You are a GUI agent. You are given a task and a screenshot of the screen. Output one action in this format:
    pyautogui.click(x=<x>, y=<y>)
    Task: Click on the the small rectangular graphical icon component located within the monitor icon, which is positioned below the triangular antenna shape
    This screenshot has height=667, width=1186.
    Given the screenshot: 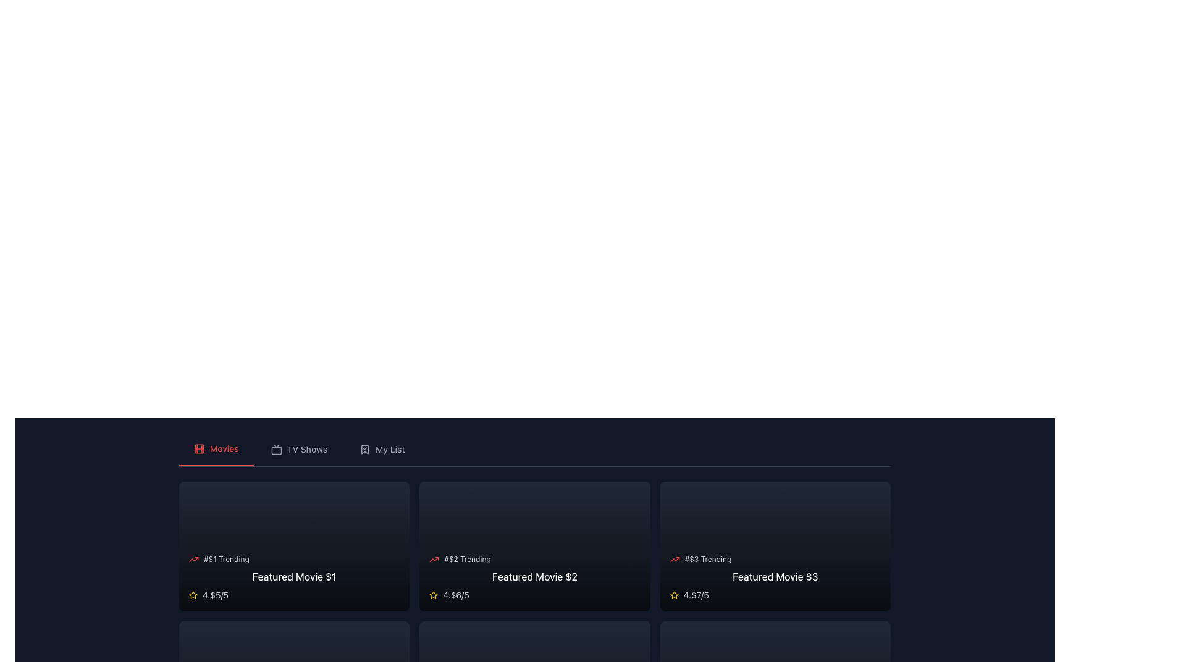 What is the action you would take?
    pyautogui.click(x=275, y=450)
    